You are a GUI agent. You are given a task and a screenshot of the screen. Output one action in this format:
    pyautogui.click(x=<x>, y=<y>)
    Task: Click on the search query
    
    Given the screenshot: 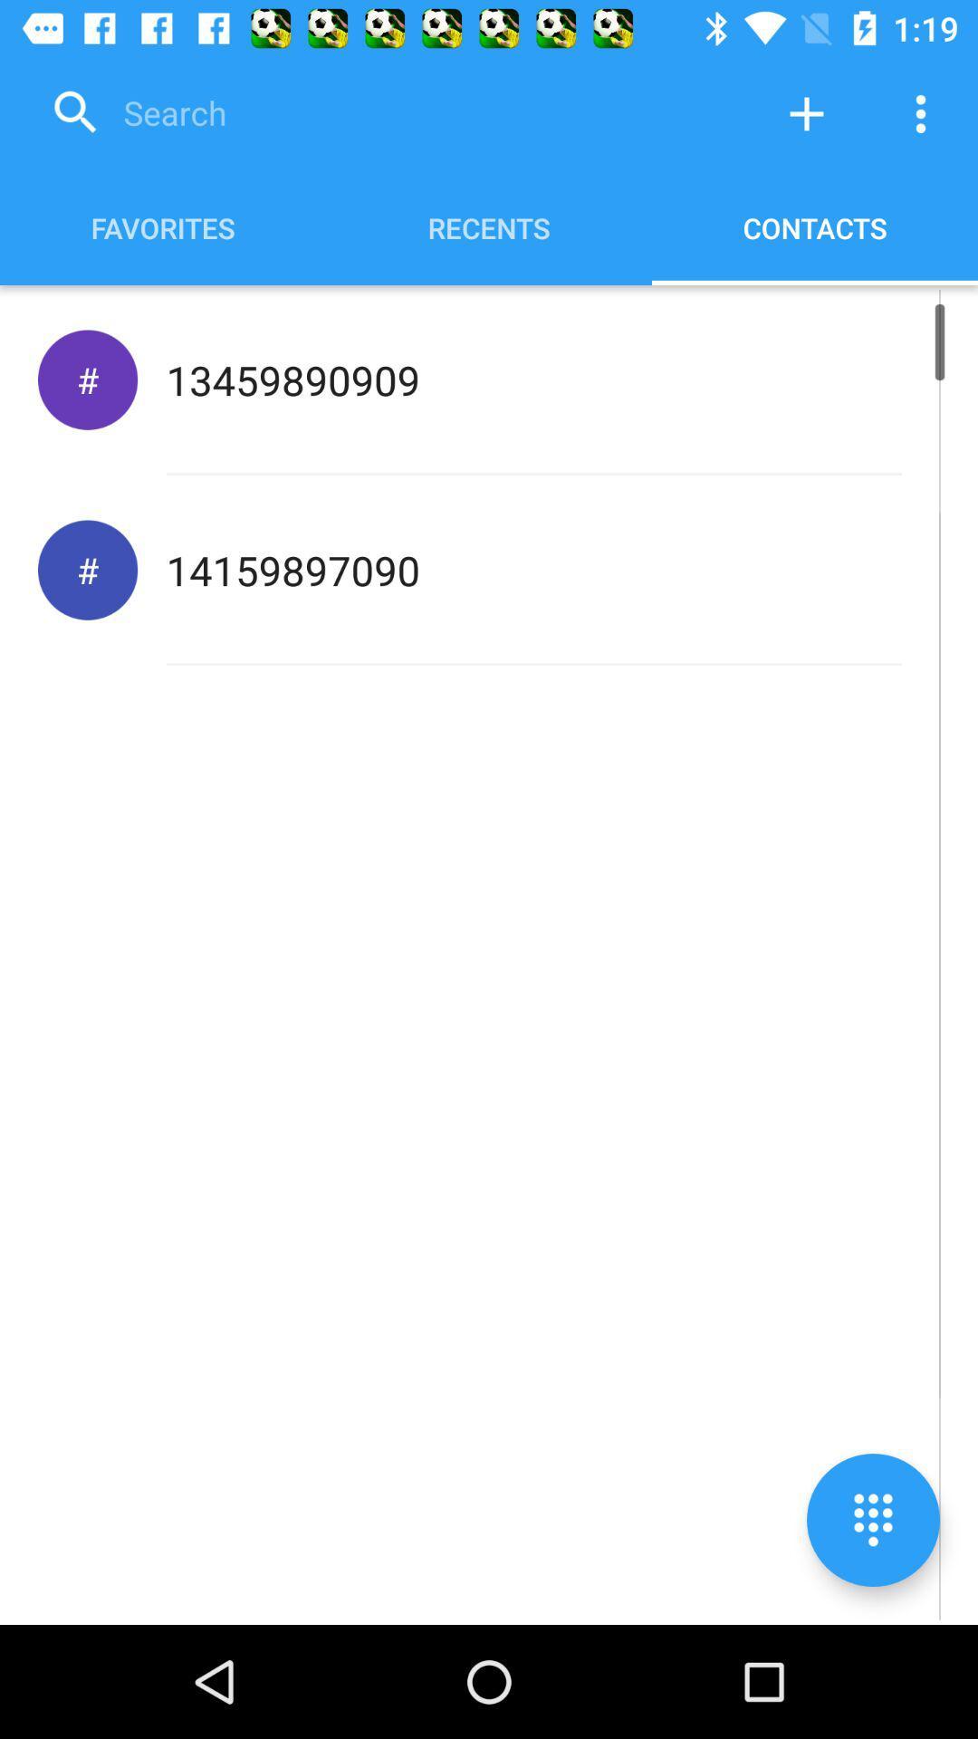 What is the action you would take?
    pyautogui.click(x=393, y=112)
    